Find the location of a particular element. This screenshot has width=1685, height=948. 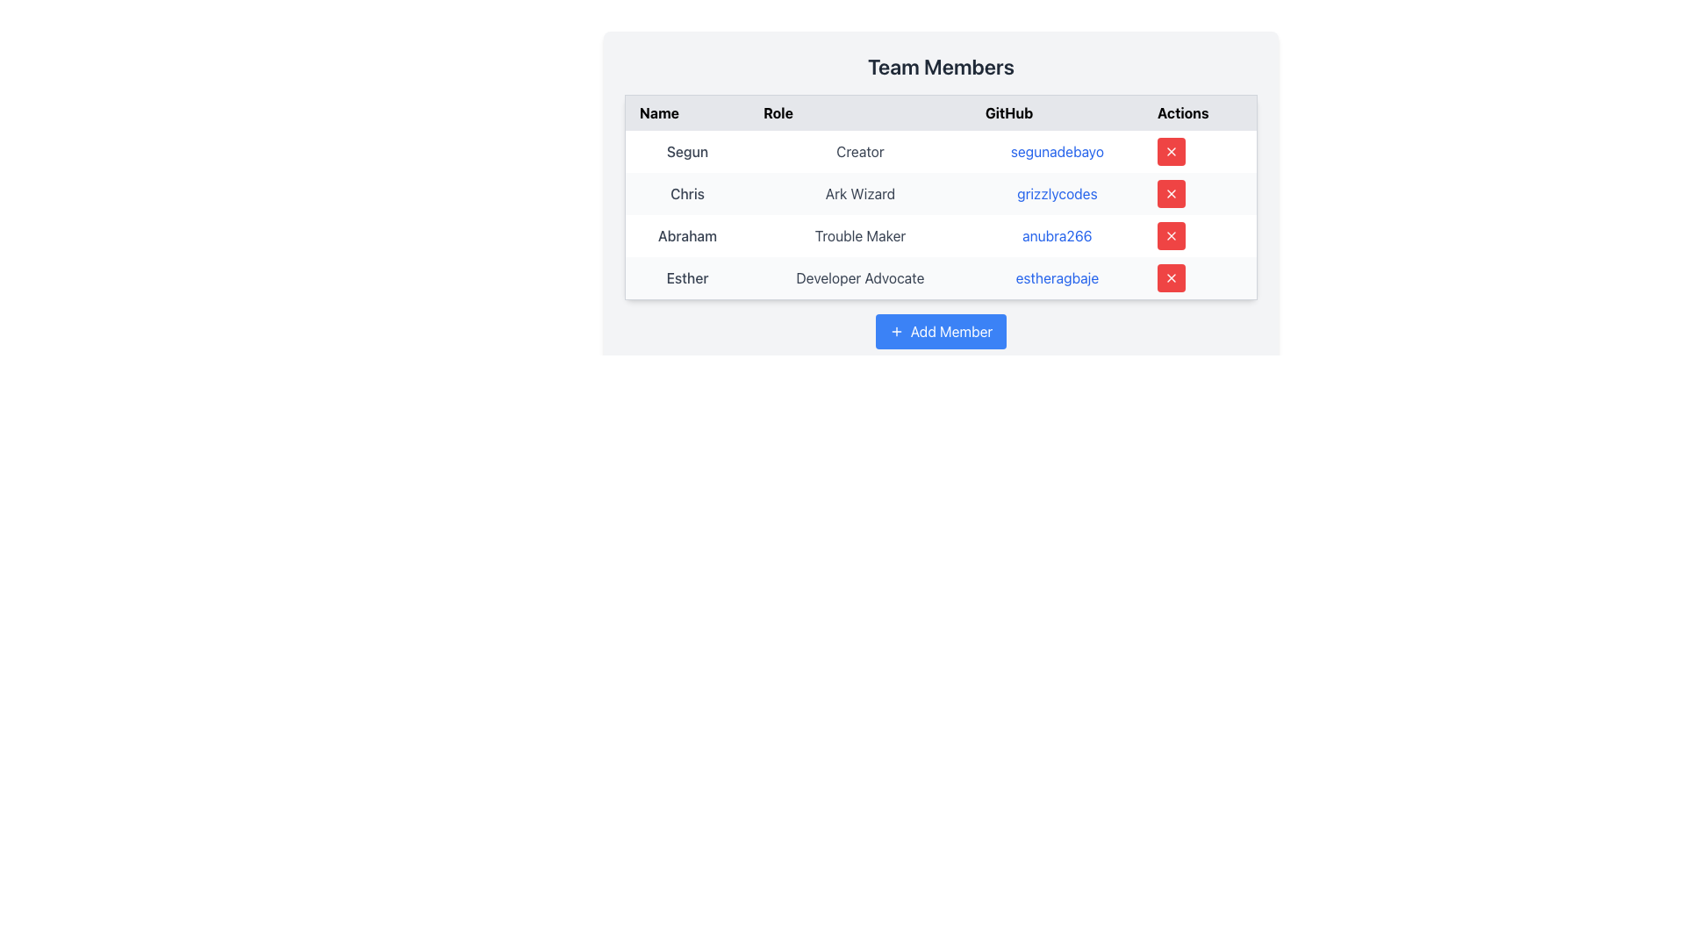

the red button with a white cross icon in the 'Actions' column of the last row in the 'Team Members' table is located at coordinates (1171, 276).